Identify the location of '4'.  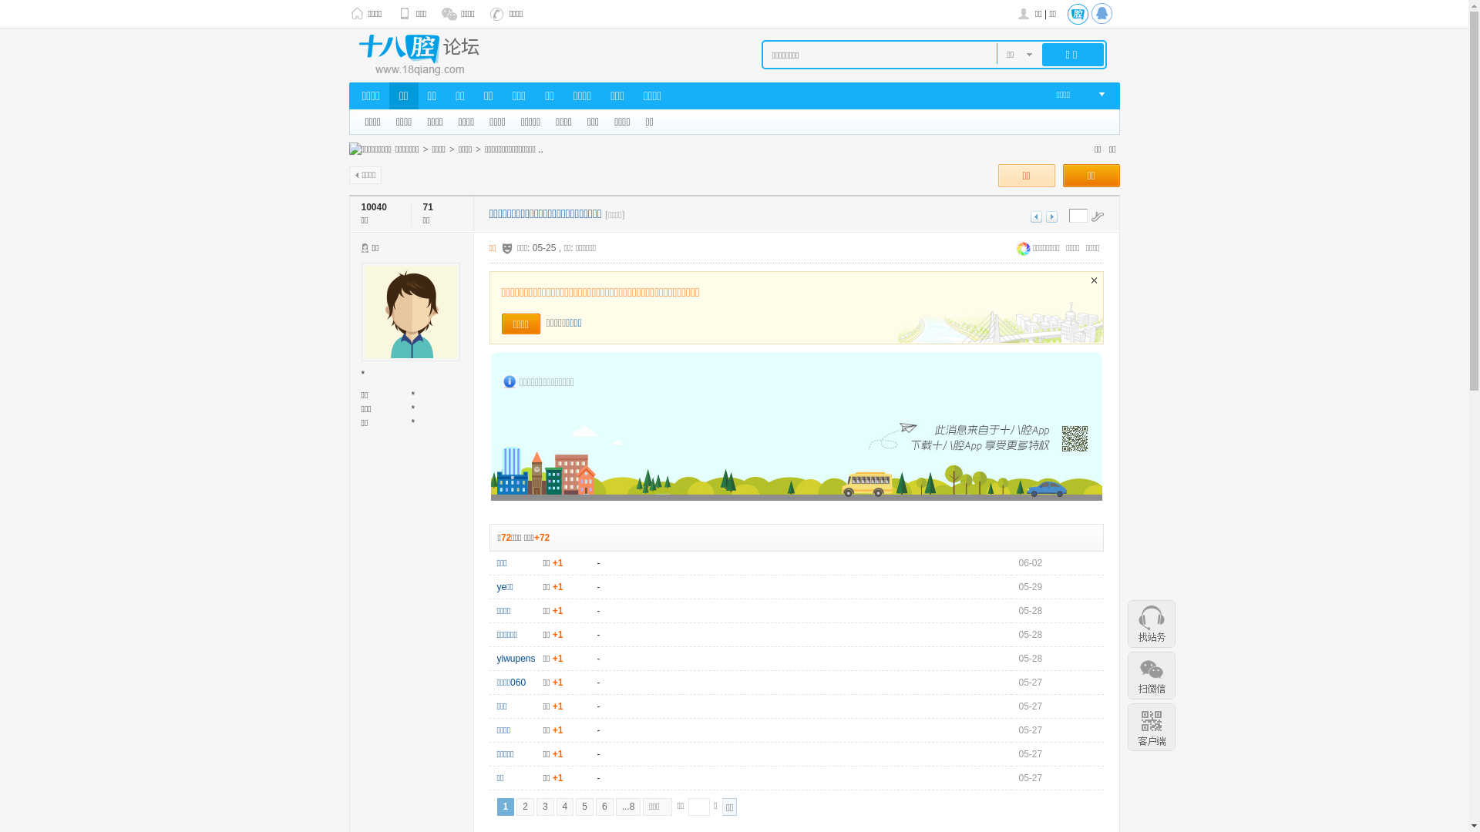
(564, 806).